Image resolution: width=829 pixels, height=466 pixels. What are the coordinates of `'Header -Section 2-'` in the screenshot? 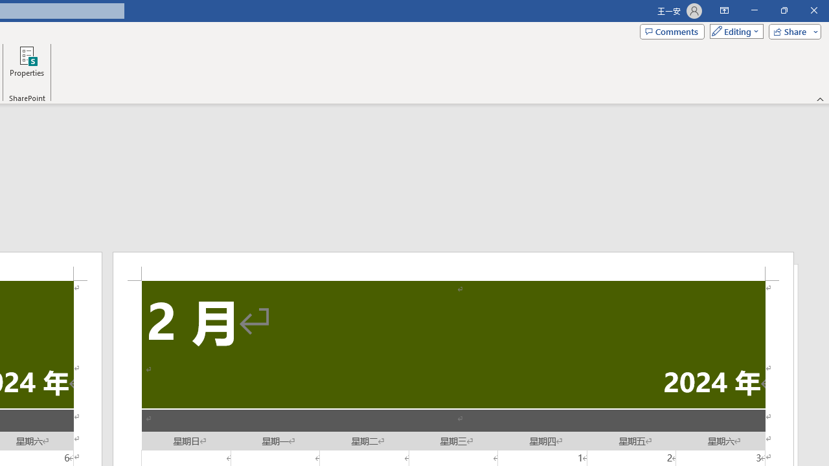 It's located at (453, 265).